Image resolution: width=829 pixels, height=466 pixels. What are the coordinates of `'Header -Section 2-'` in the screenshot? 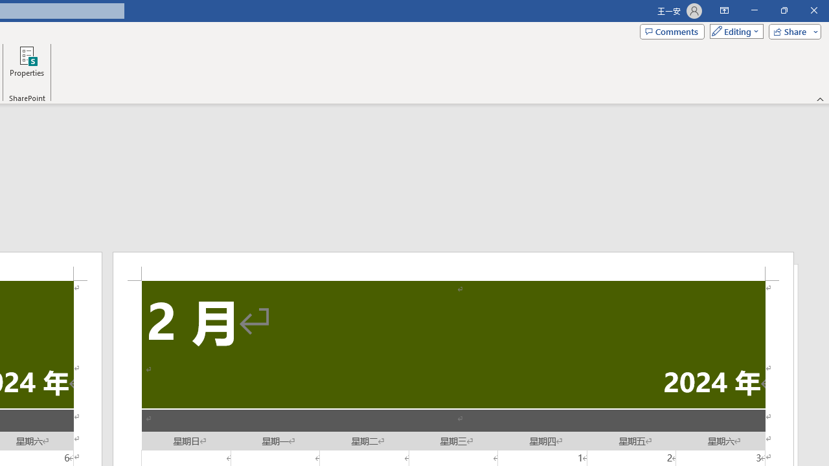 It's located at (453, 265).